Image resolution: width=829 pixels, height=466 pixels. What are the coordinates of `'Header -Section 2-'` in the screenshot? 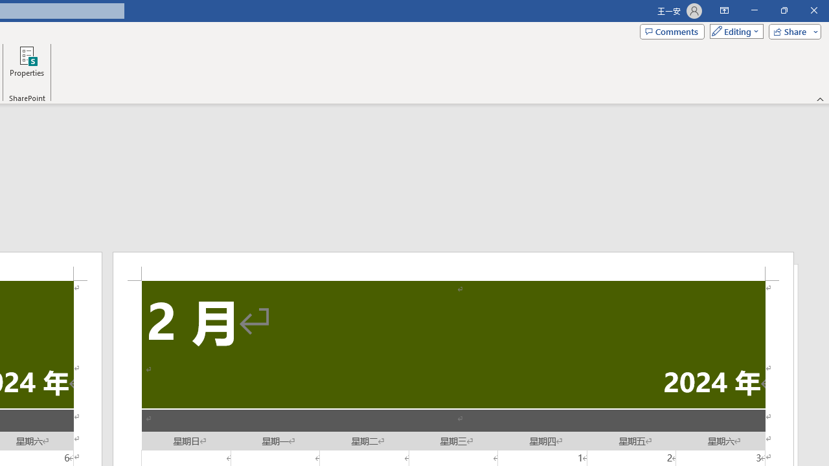 It's located at (453, 265).